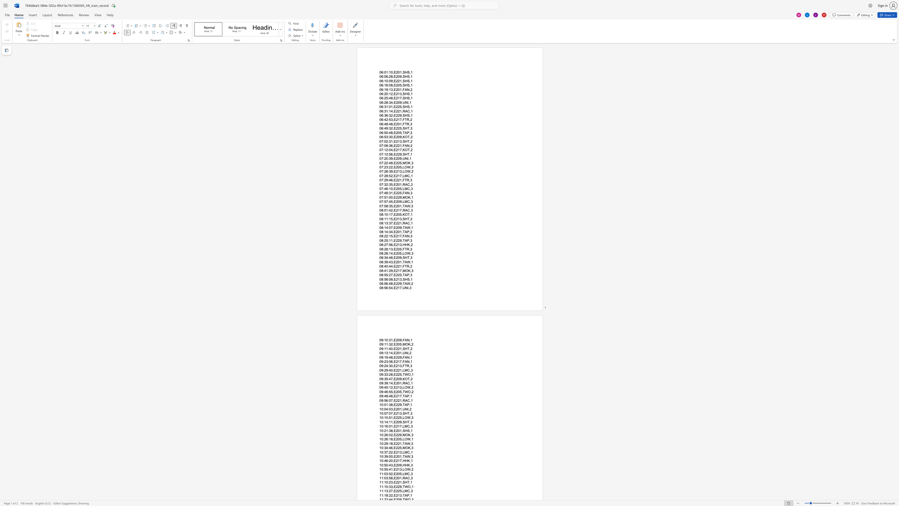  What do you see at coordinates (401, 76) in the screenshot?
I see `the subset text ",SHS,1" within the text "06:06:28,E209,SHS,1"` at bounding box center [401, 76].